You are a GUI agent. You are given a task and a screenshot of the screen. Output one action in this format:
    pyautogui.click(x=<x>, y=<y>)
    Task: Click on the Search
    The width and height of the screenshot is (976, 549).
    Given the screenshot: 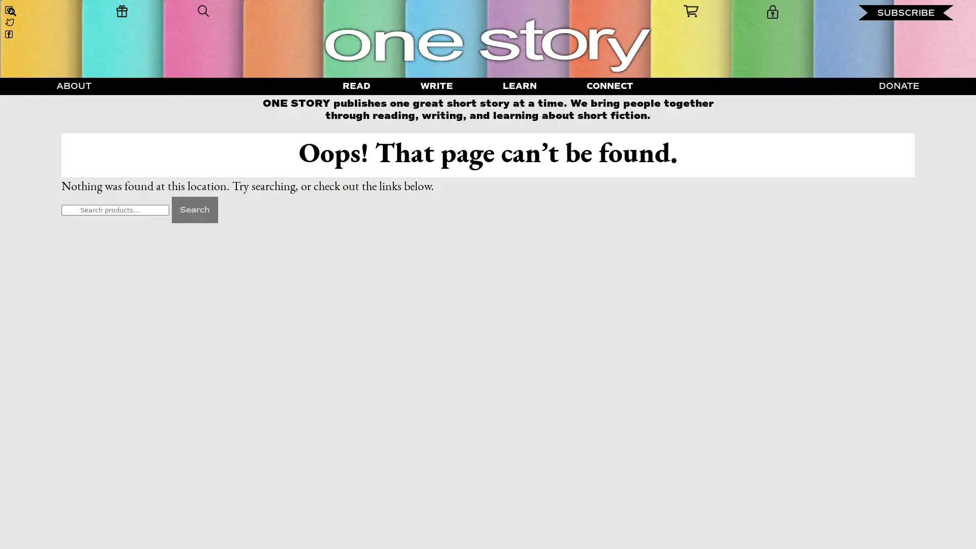 What is the action you would take?
    pyautogui.click(x=194, y=209)
    